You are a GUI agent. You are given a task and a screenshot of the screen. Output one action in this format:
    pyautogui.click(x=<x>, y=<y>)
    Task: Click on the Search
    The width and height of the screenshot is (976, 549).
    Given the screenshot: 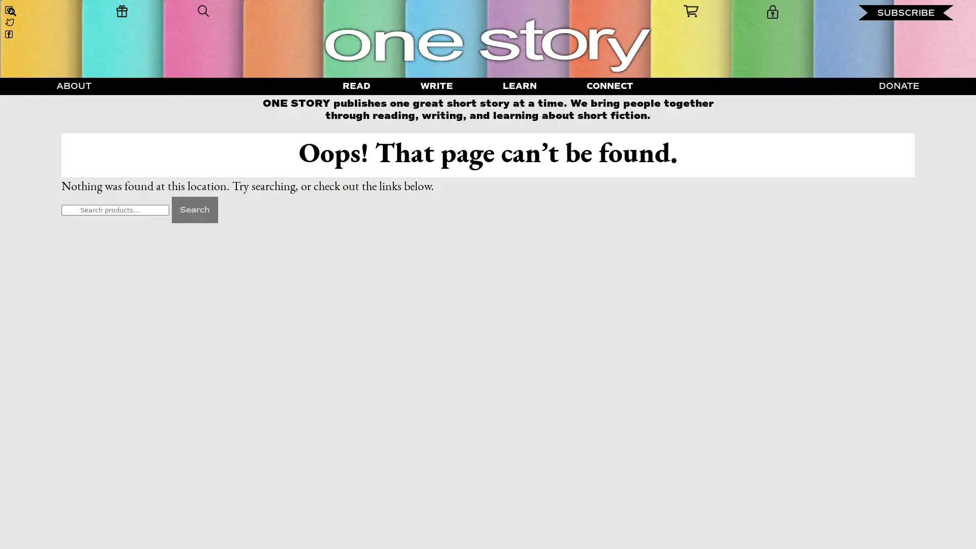 What is the action you would take?
    pyautogui.click(x=194, y=209)
    